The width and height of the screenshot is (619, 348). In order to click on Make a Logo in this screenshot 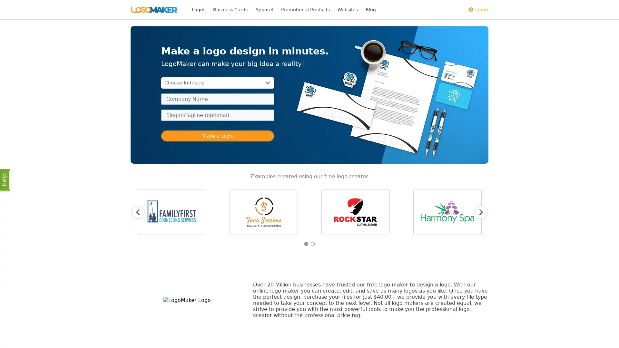, I will do `click(217, 135)`.